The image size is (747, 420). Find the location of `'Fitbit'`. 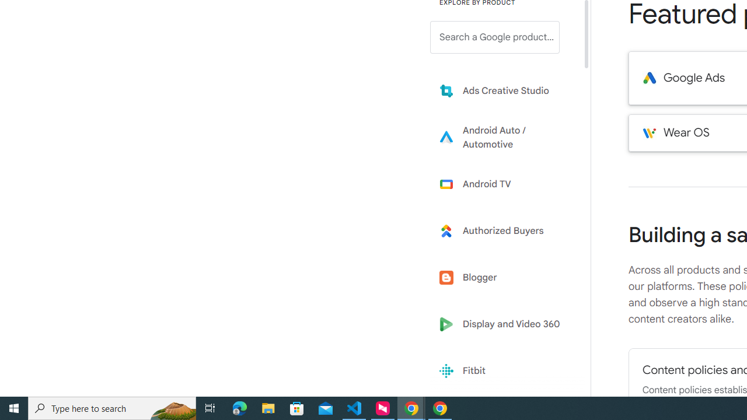

'Fitbit' is located at coordinates (503, 371).